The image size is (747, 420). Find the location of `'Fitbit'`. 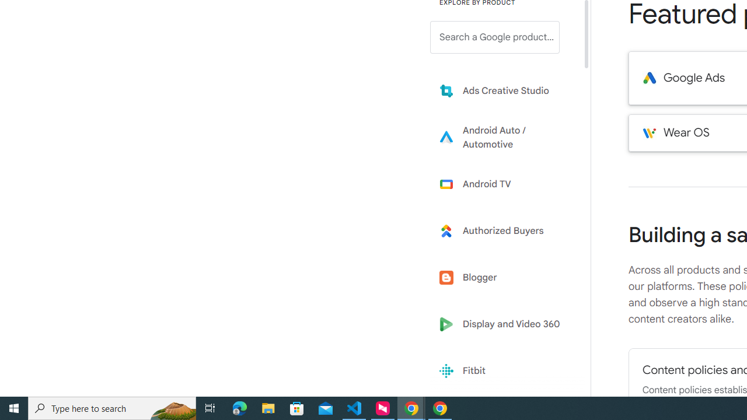

'Fitbit' is located at coordinates (503, 371).